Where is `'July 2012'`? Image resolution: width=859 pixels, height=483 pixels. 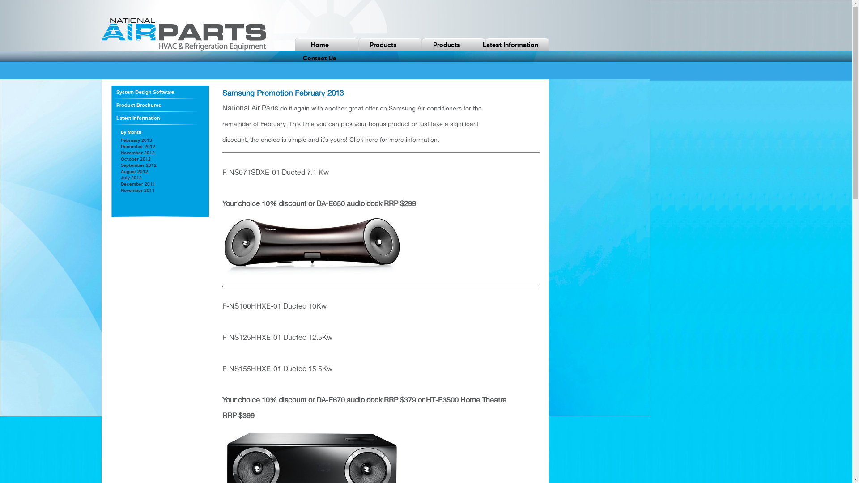 'July 2012' is located at coordinates (131, 178).